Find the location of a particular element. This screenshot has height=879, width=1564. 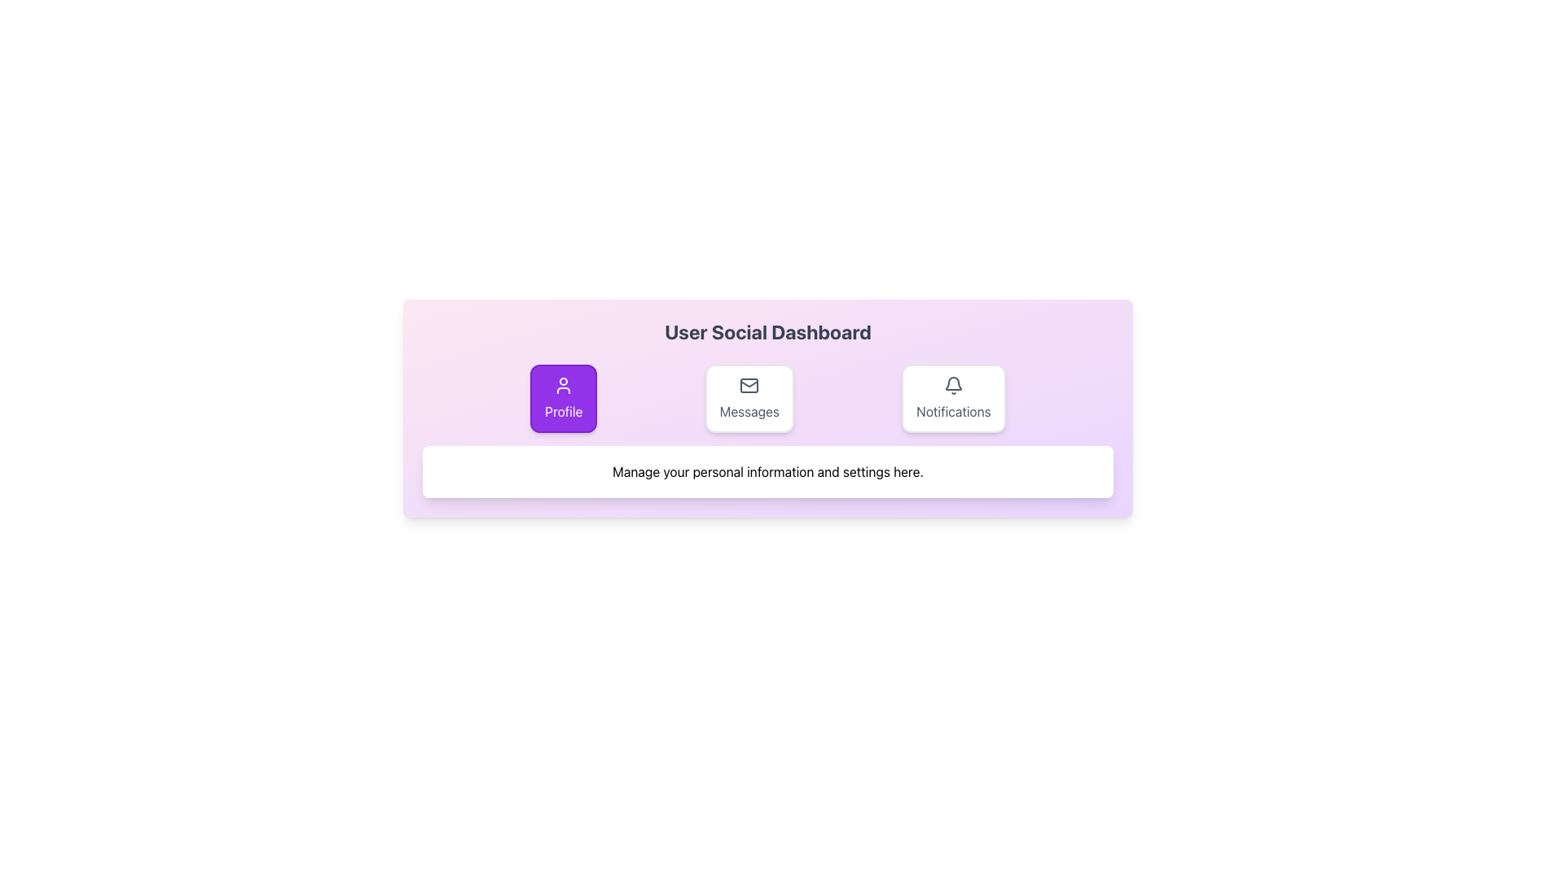

the Informational Text Box that displays the message 'Manage your personal information and settings here.' is located at coordinates (767, 471).